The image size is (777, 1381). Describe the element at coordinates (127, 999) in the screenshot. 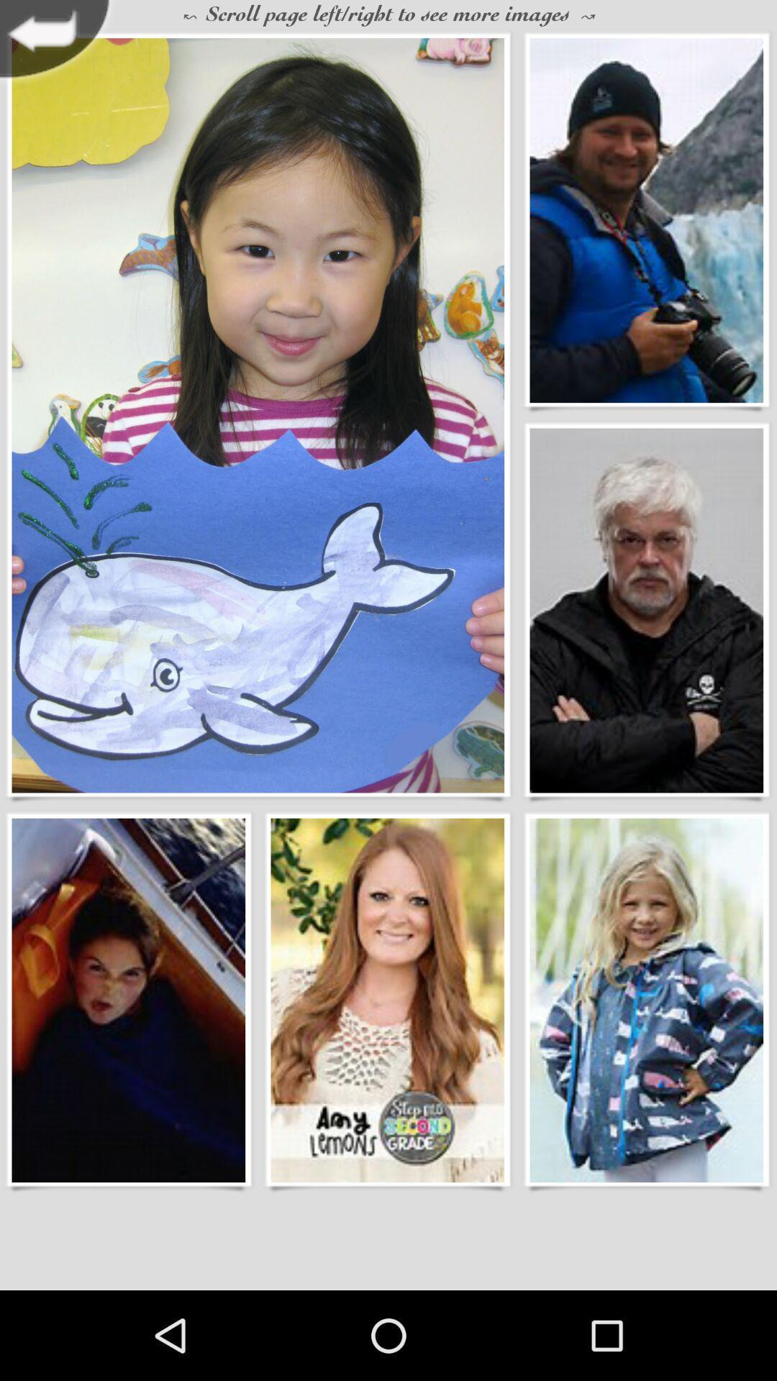

I see `wallpaper` at that location.